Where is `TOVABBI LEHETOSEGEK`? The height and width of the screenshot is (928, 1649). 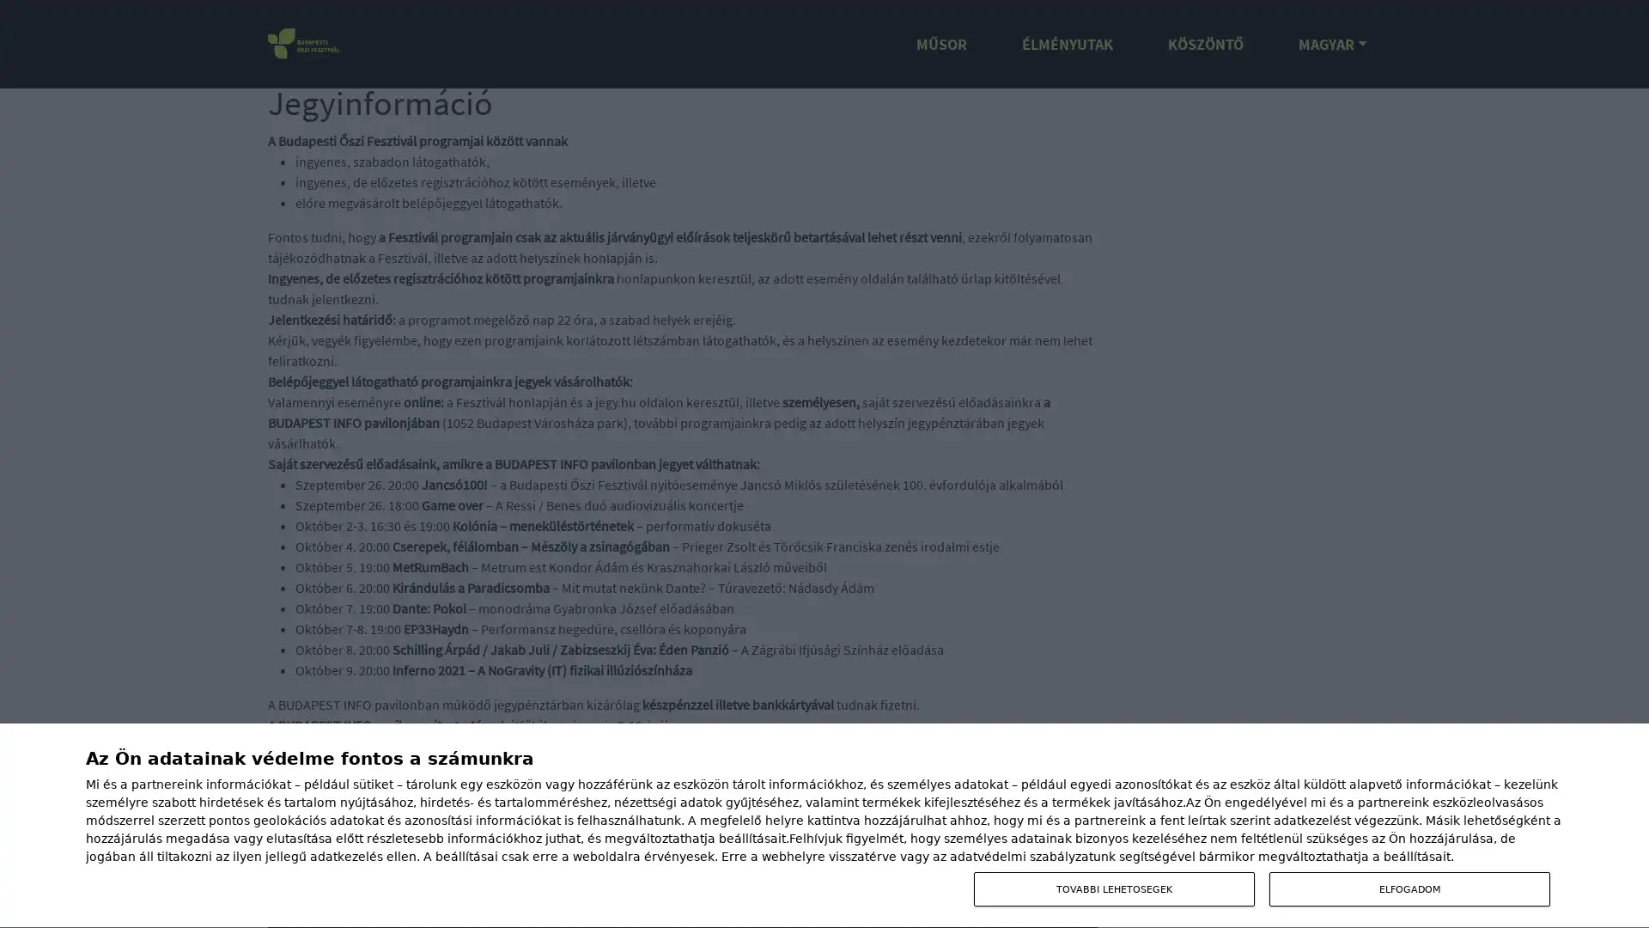 TOVABBI LEHETOSEGEK is located at coordinates (1113, 888).